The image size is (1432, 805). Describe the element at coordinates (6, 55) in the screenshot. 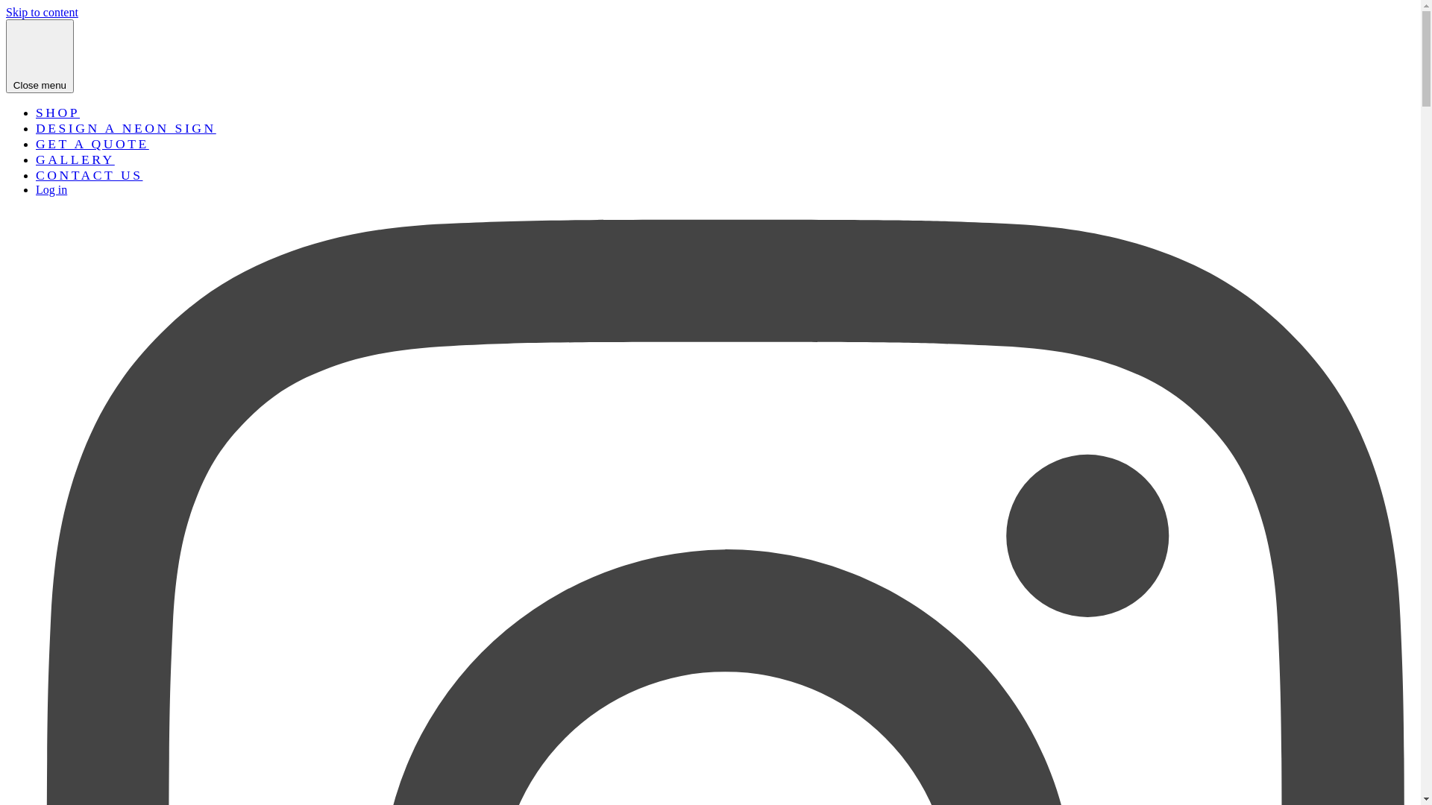

I see `'Close menu'` at that location.